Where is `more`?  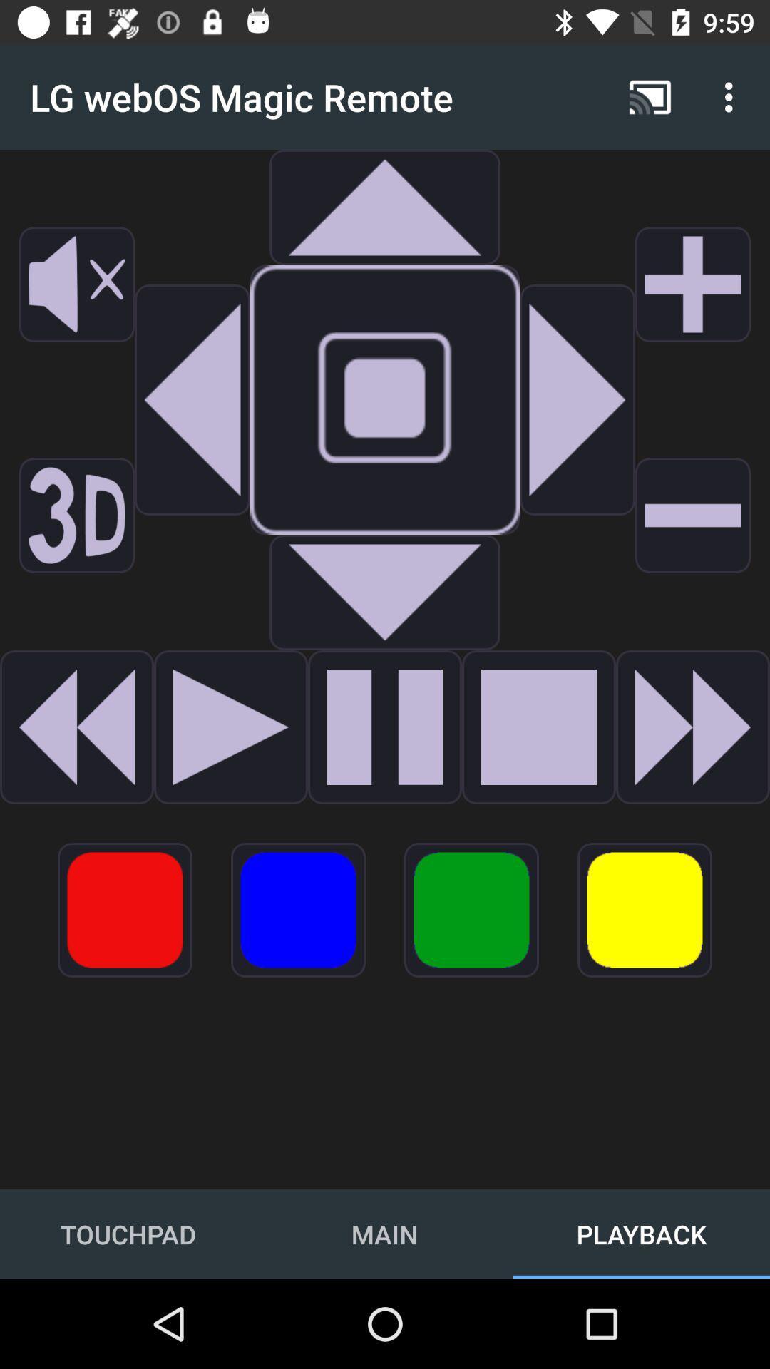 more is located at coordinates (692, 284).